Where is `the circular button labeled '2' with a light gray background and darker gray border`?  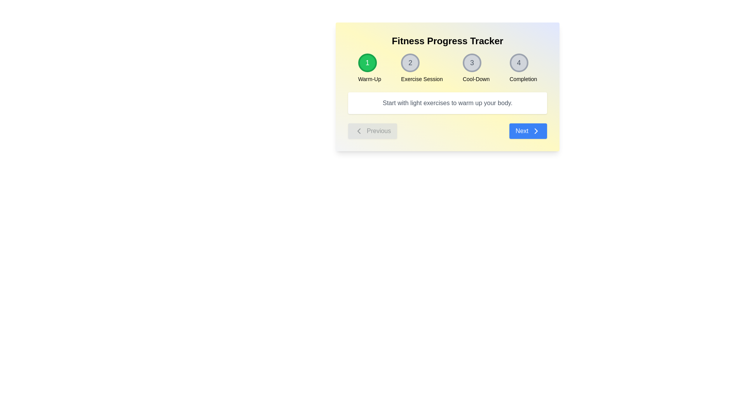 the circular button labeled '2' with a light gray background and darker gray border is located at coordinates (410, 62).